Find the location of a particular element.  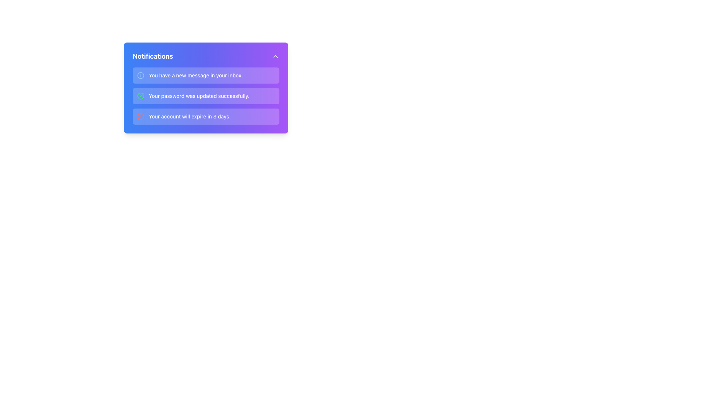

the label that identifies the notifications section, located at the top-left of the notification card is located at coordinates (153, 56).